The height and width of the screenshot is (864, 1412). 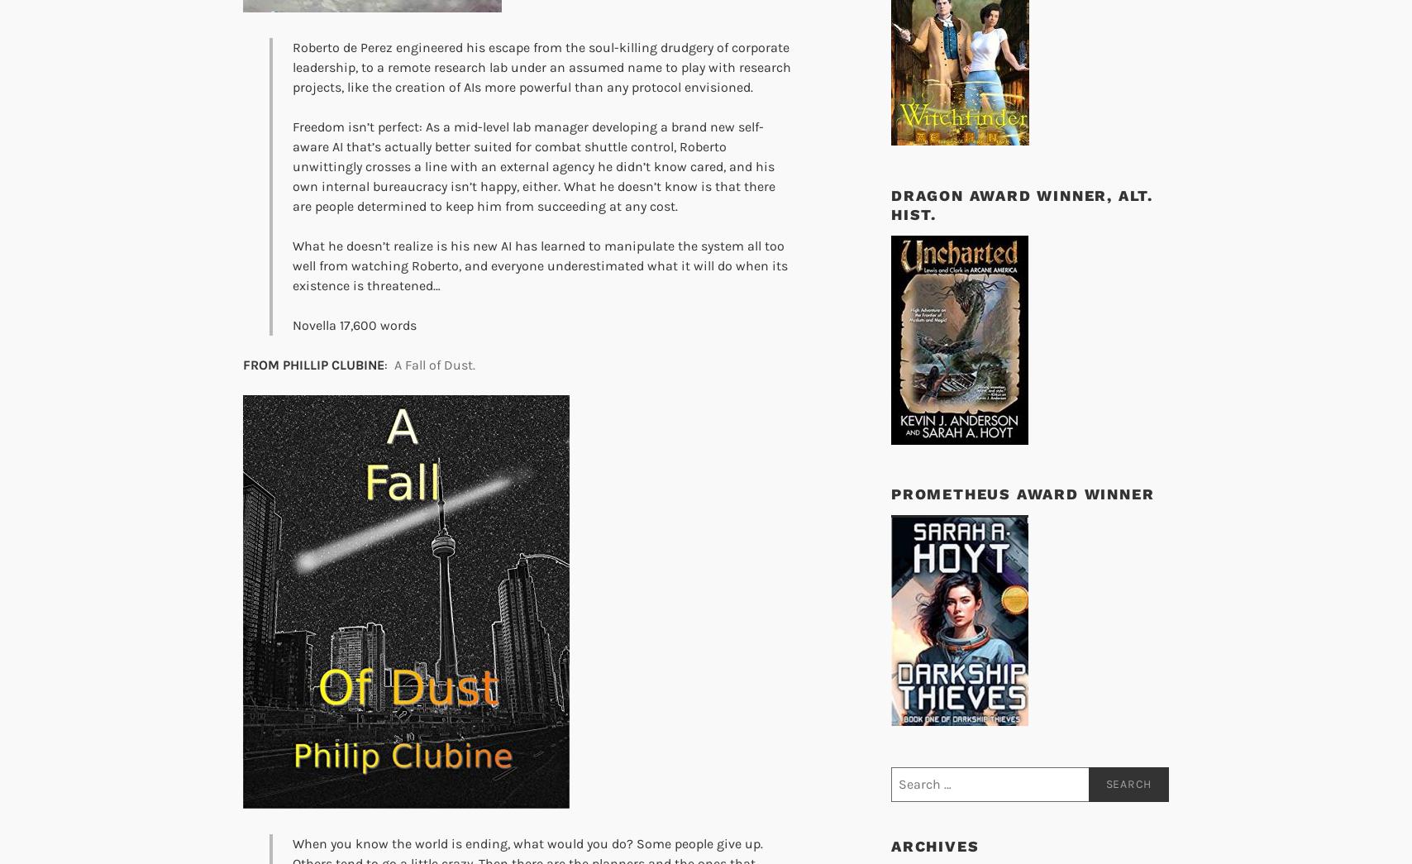 I want to click on 'Freedom isn’t perfect: As a mid-level lab manager developing a brand new self-aware AI that’s actually better suited for combat shuttle control, Roberto unwittingly crosses a line with an external agency he didn’t know cared, and his own internal bureaucracy isn’t happy, either. What he doesn’t know is that there are people determined to keep him from succeeding at any cost.', so click(x=533, y=166).